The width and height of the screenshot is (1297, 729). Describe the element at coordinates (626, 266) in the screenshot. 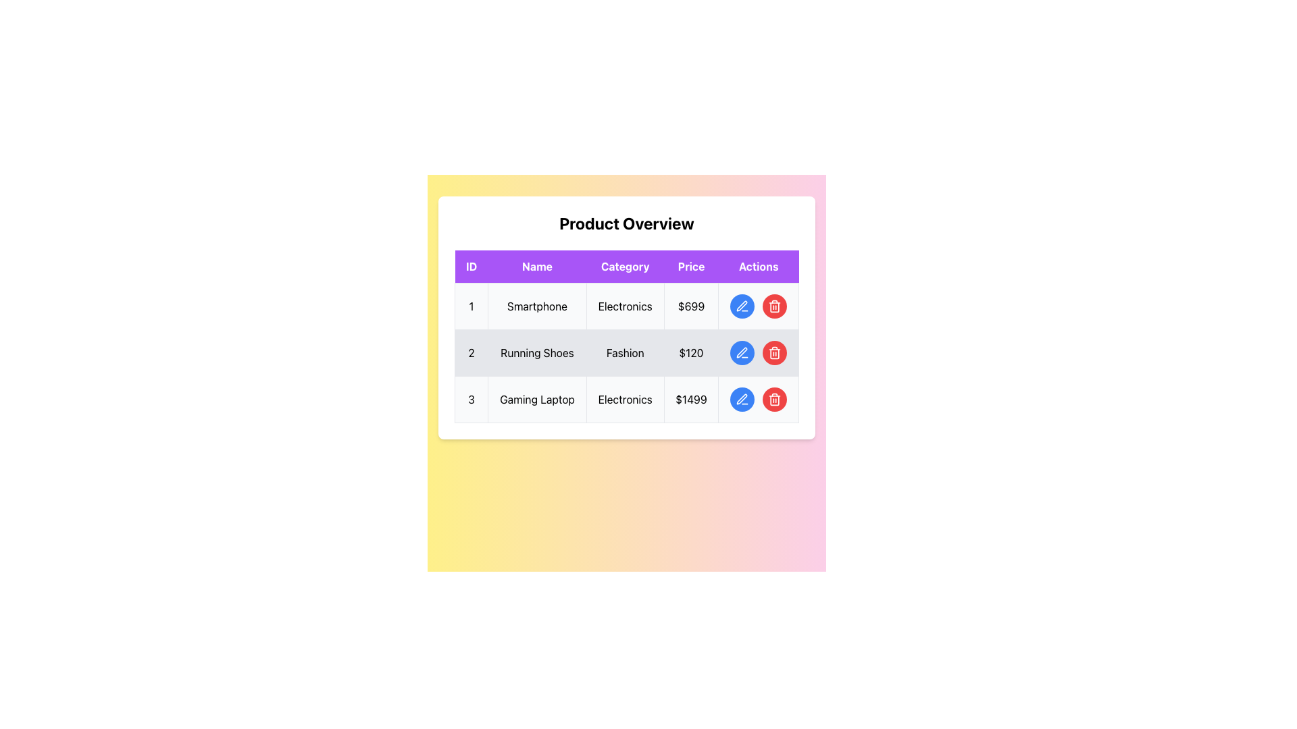

I see `the Table Header Row located below the 'Product Overview' header to interact with the content under the columns labeled ID, Name, Category, Price, and Actions` at that location.